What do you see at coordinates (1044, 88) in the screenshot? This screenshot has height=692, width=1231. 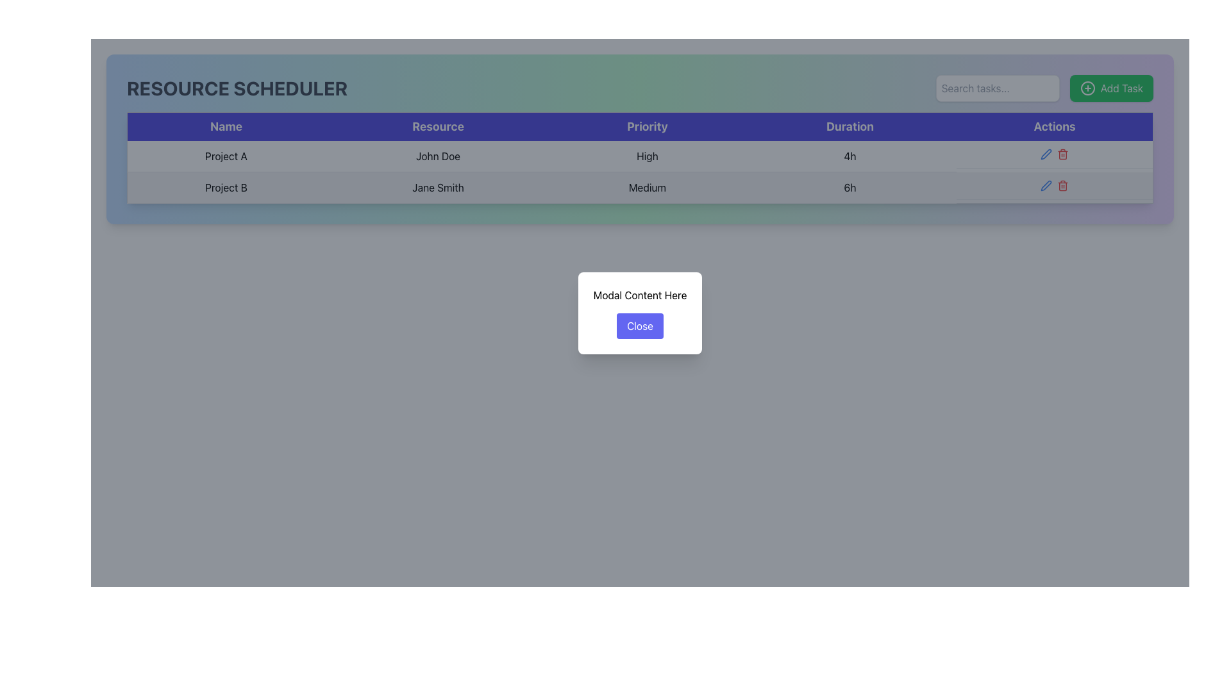 I see `the search input field located at the top-right section of the interface, adjacent to the 'Add Task' button` at bounding box center [1044, 88].